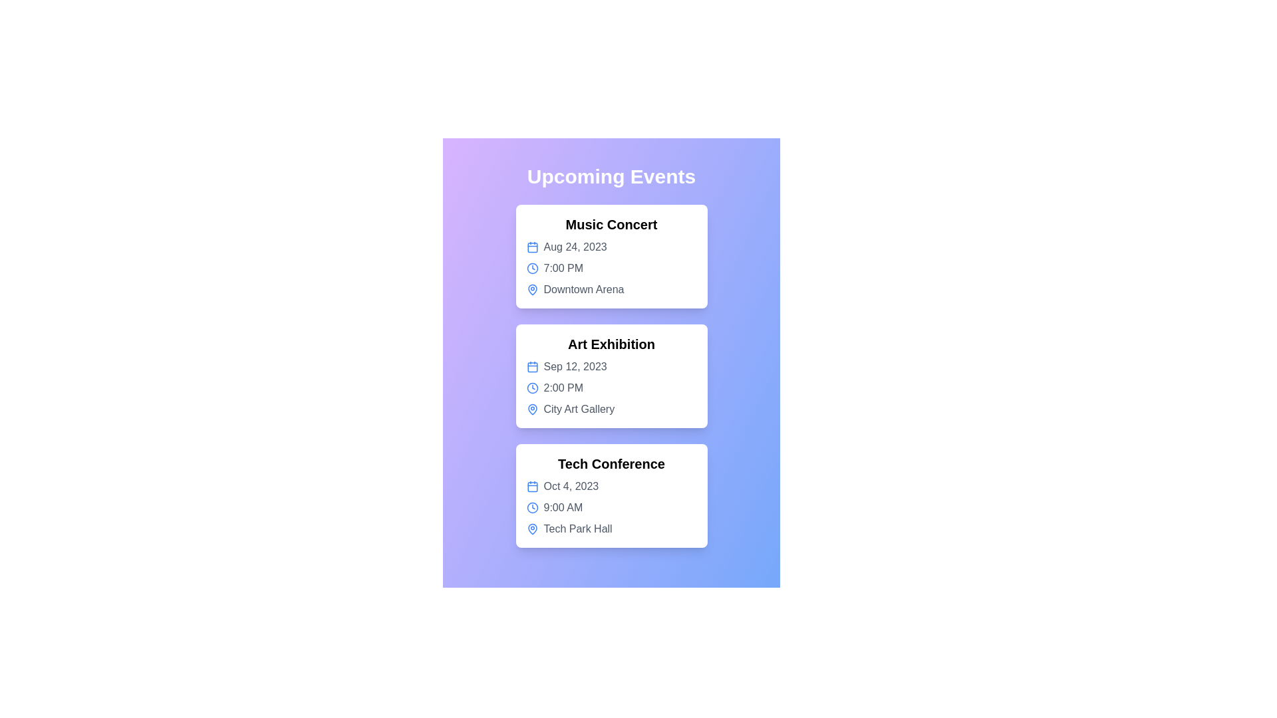 Image resolution: width=1277 pixels, height=718 pixels. What do you see at coordinates (611, 528) in the screenshot?
I see `the icon associated with the venue or location of the 'Tech Conference' event, located at the bottom of the card` at bounding box center [611, 528].